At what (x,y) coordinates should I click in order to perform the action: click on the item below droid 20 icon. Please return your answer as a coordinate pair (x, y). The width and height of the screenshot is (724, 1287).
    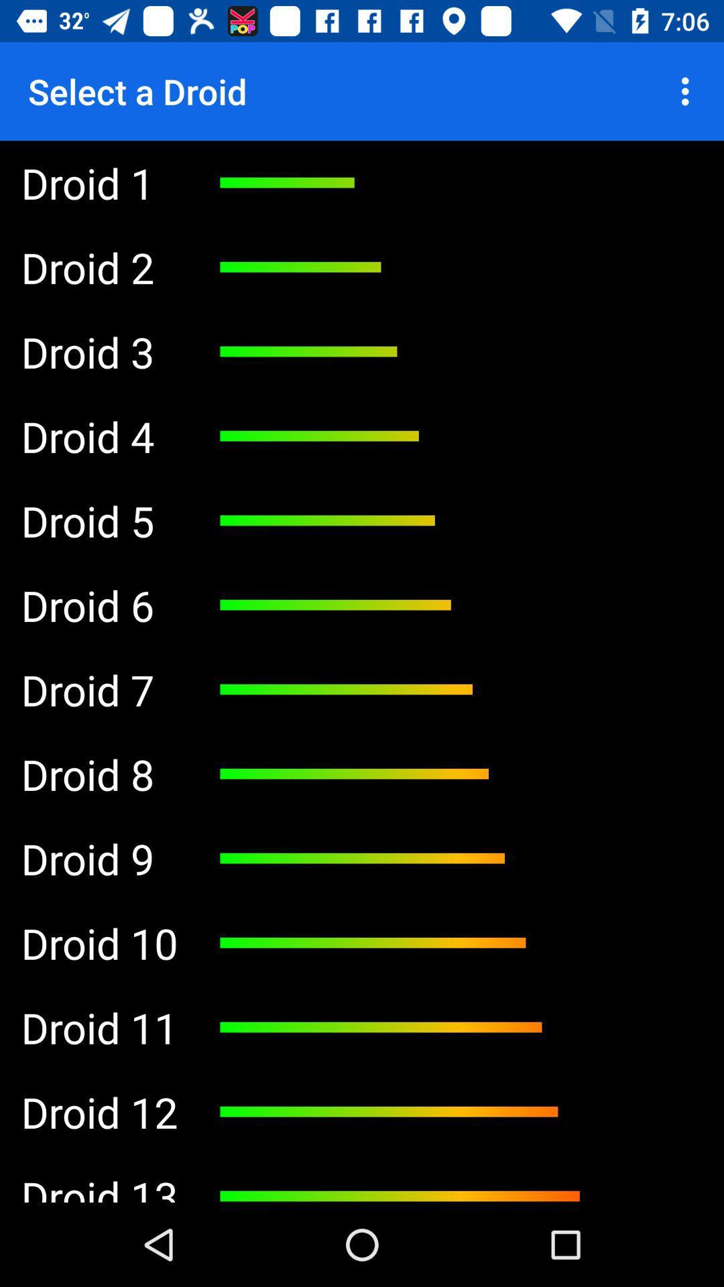
    Looking at the image, I should click on (99, 436).